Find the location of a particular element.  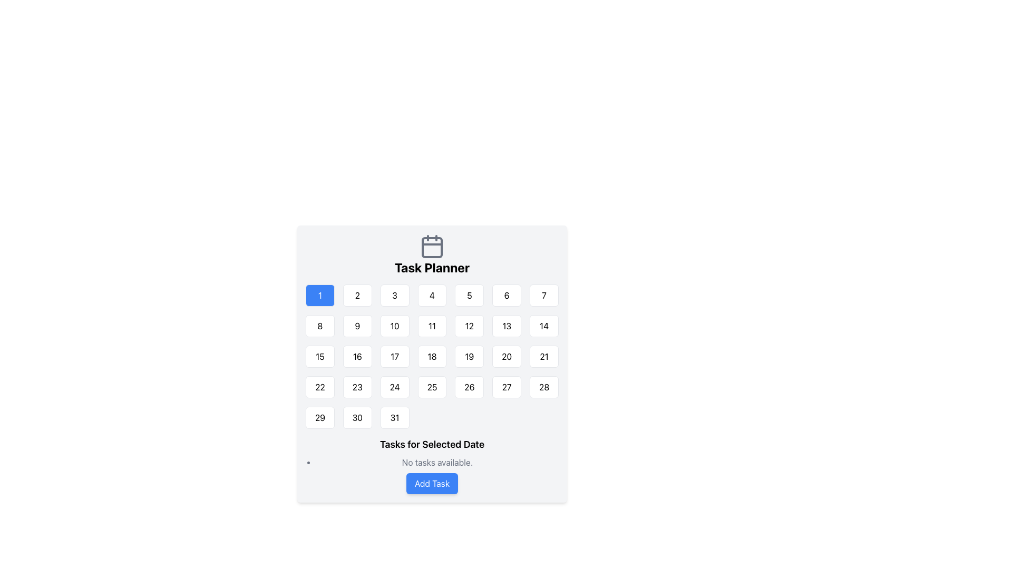

the rectangular button with the number '28' in the Task Planner calendar grid, located in the seventh row and seventh column is located at coordinates (544, 387).